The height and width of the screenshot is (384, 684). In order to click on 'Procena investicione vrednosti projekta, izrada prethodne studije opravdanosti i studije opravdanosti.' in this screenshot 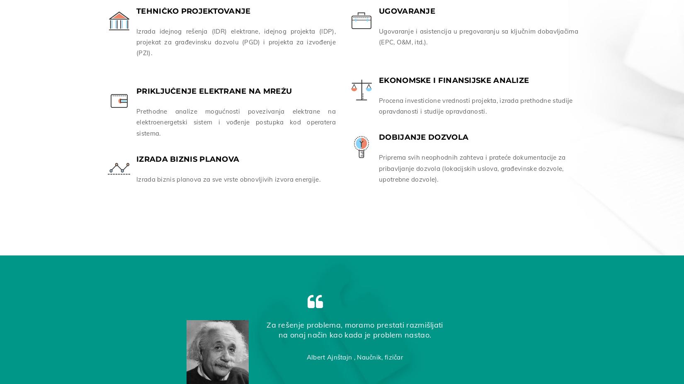, I will do `click(378, 104)`.